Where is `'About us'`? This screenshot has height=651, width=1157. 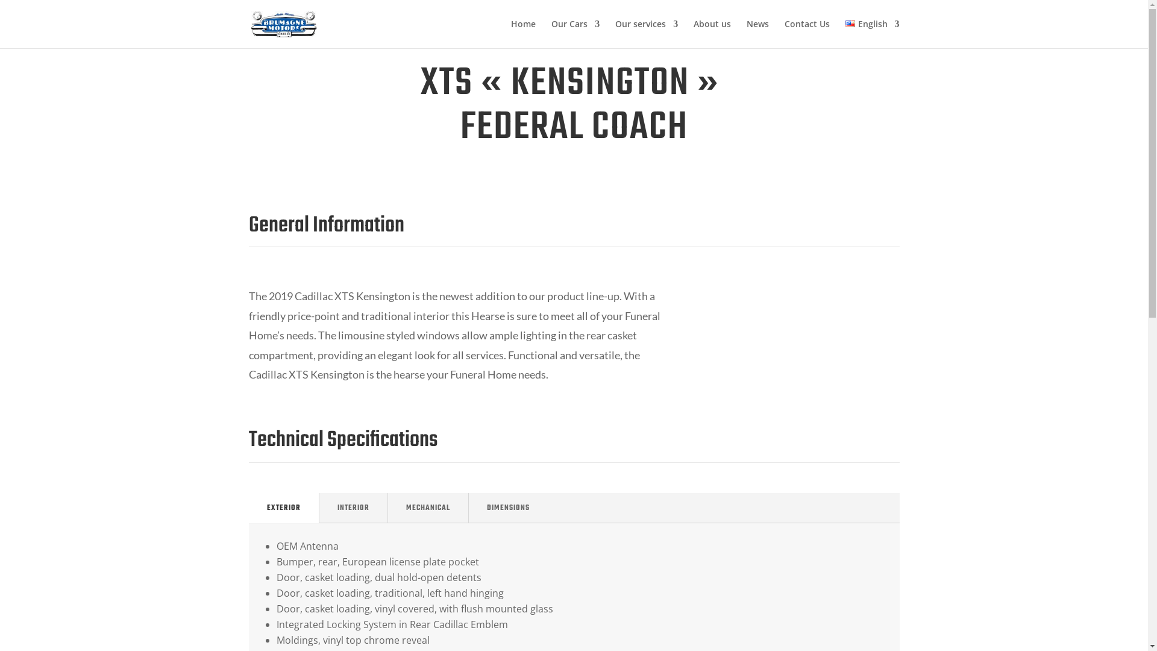 'About us' is located at coordinates (712, 33).